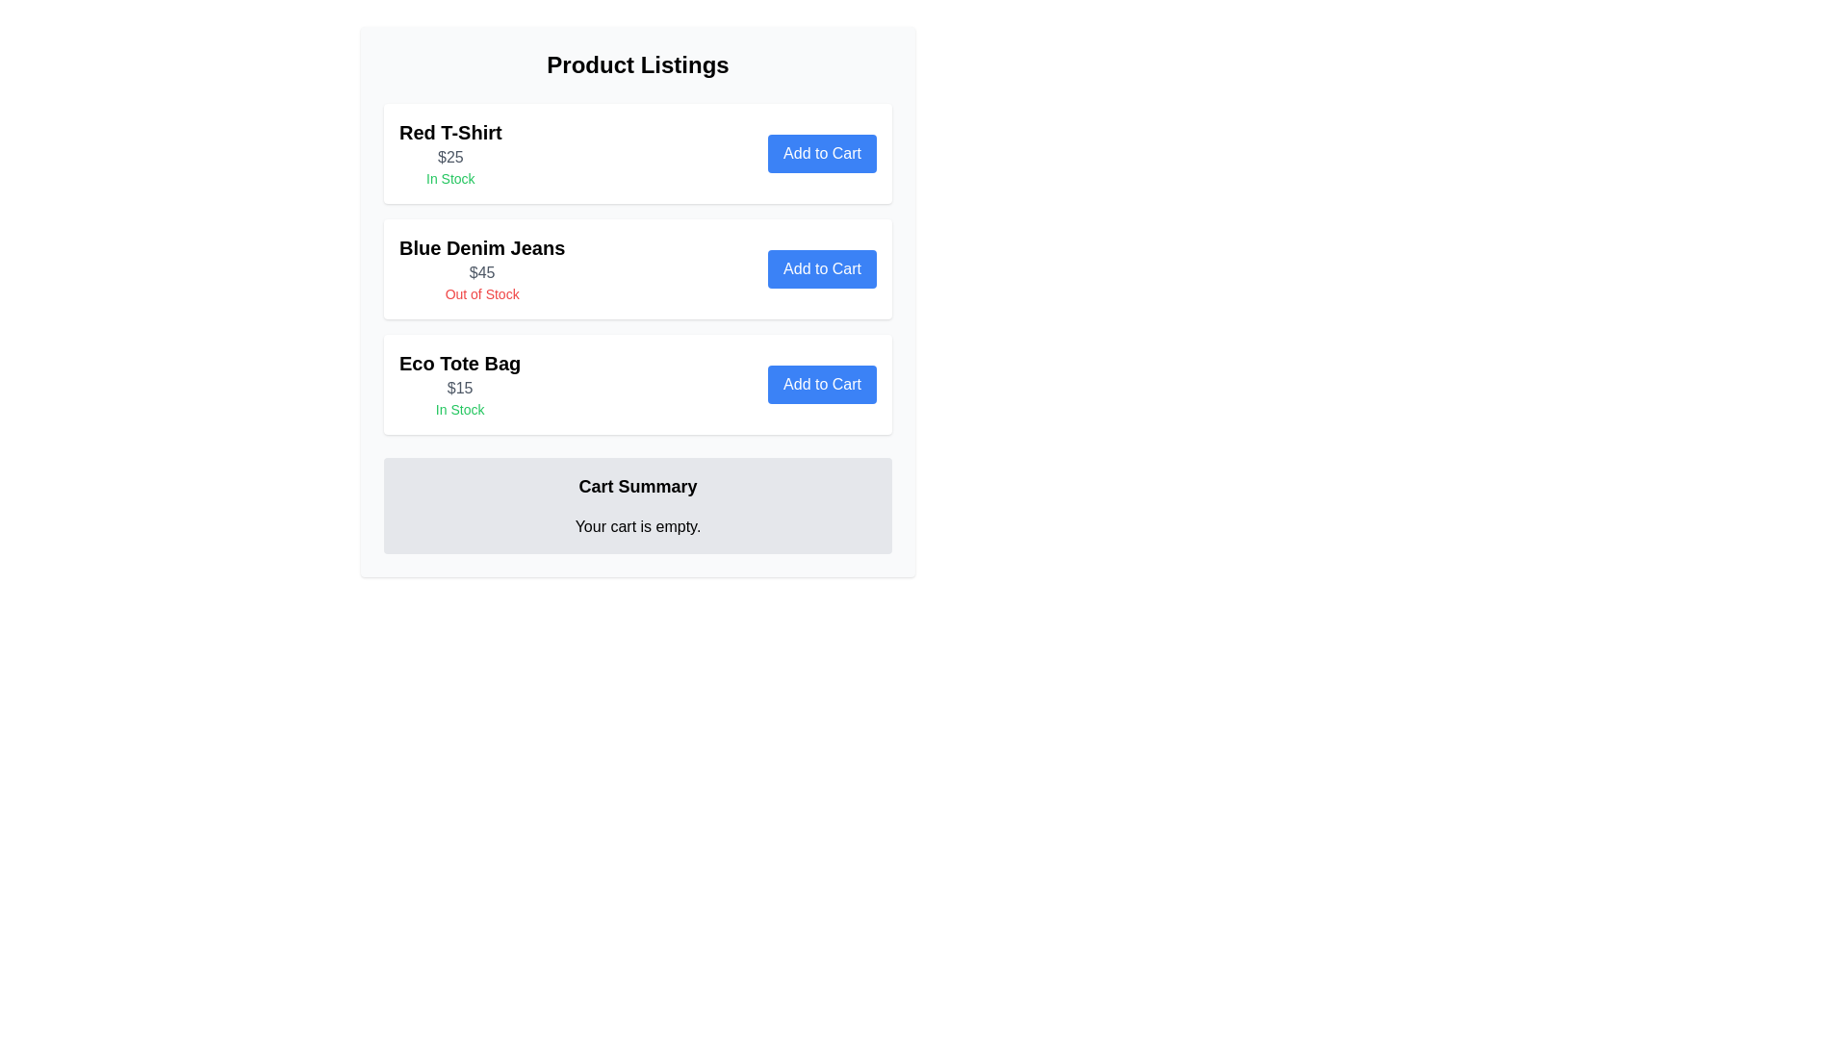 The width and height of the screenshot is (1848, 1039). What do you see at coordinates (822, 269) in the screenshot?
I see `the 'Add to Cart' button for the product 'Blue Denim Jeans', which is the rightmost interactive element in its product listing card` at bounding box center [822, 269].